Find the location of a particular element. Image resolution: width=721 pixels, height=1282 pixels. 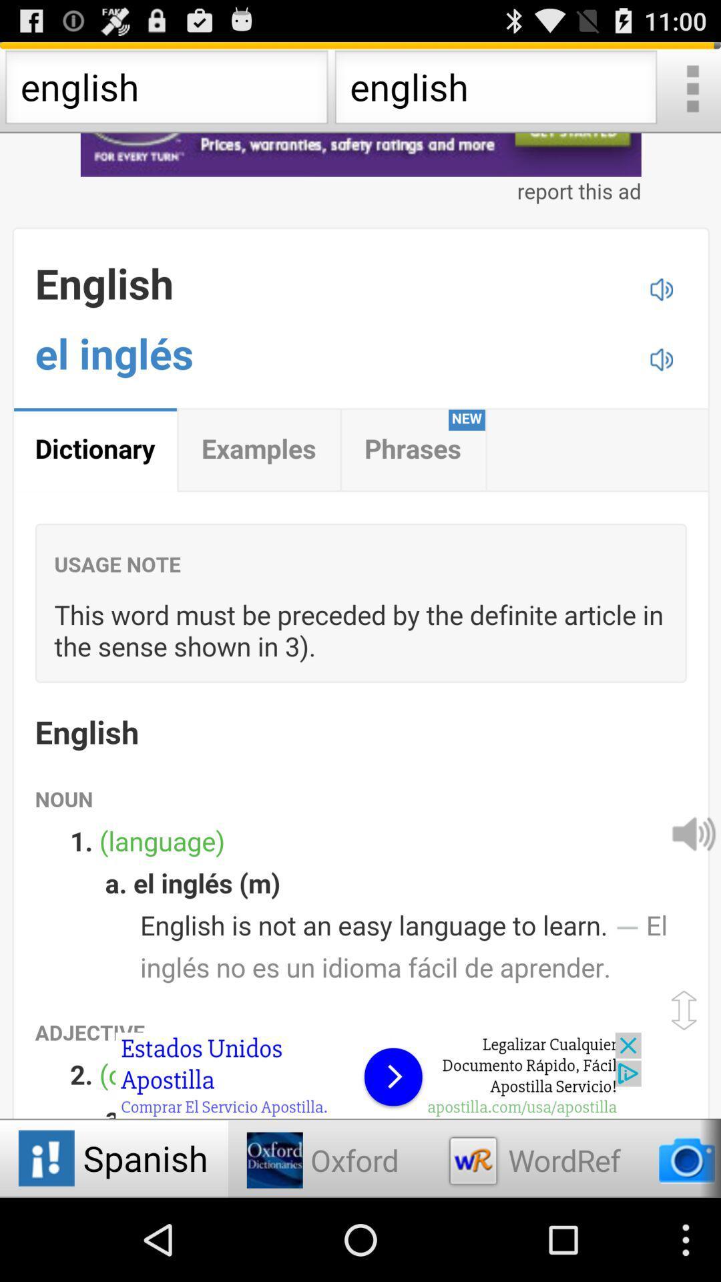

option is located at coordinates (691, 90).